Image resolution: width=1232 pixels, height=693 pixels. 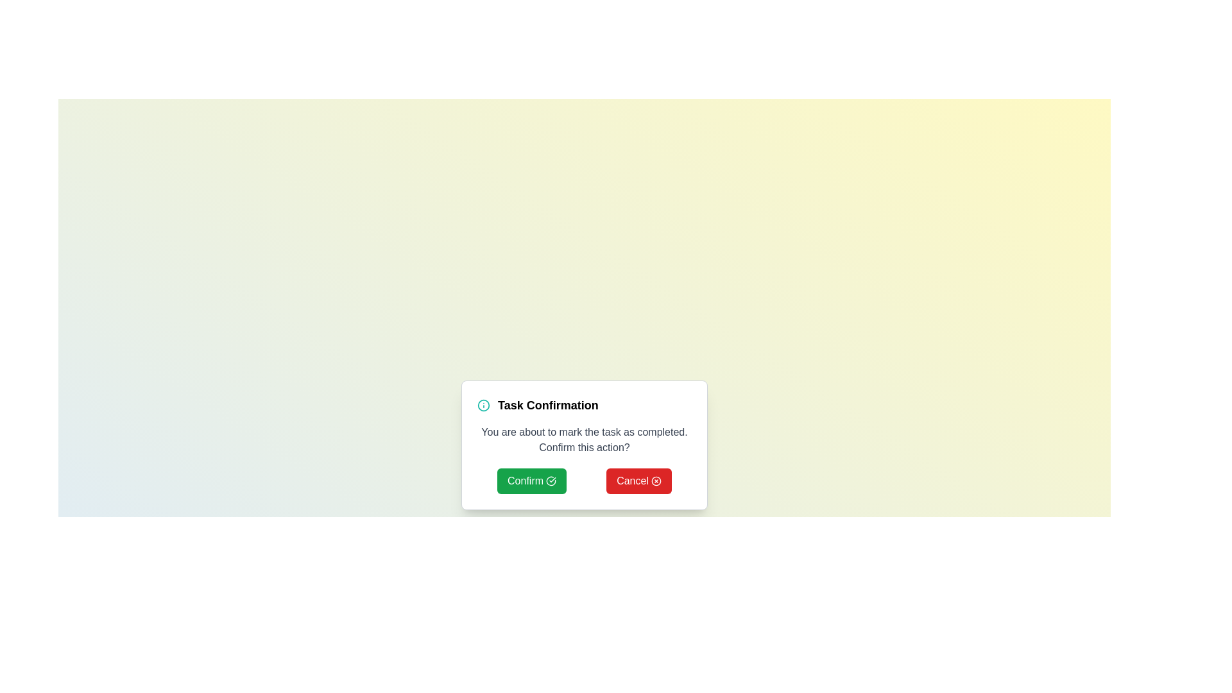 I want to click on the confirm button located at the bottom-left corner of the dialog box, next to the red 'Cancel' button, to confirm the proposed action, so click(x=532, y=481).